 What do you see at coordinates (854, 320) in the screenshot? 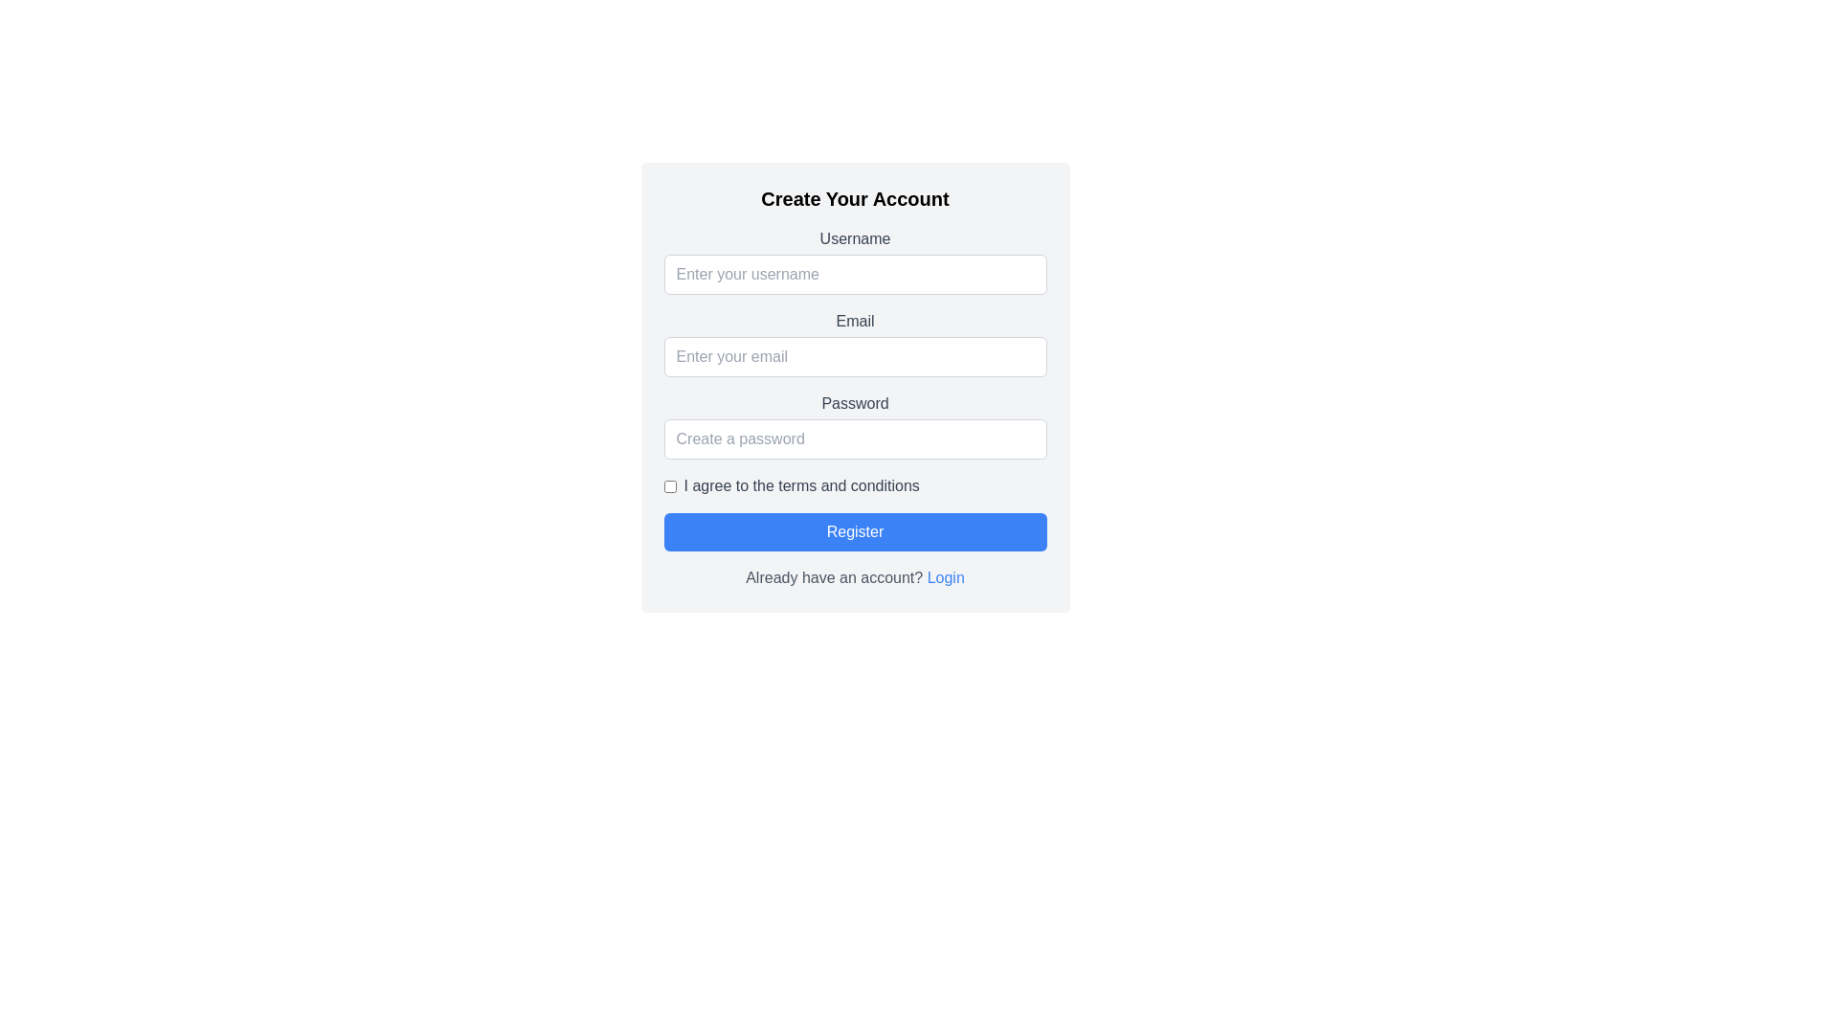
I see `static text label displaying the word 'Email', which is styled in muted gray and positioned above an input field` at bounding box center [854, 320].